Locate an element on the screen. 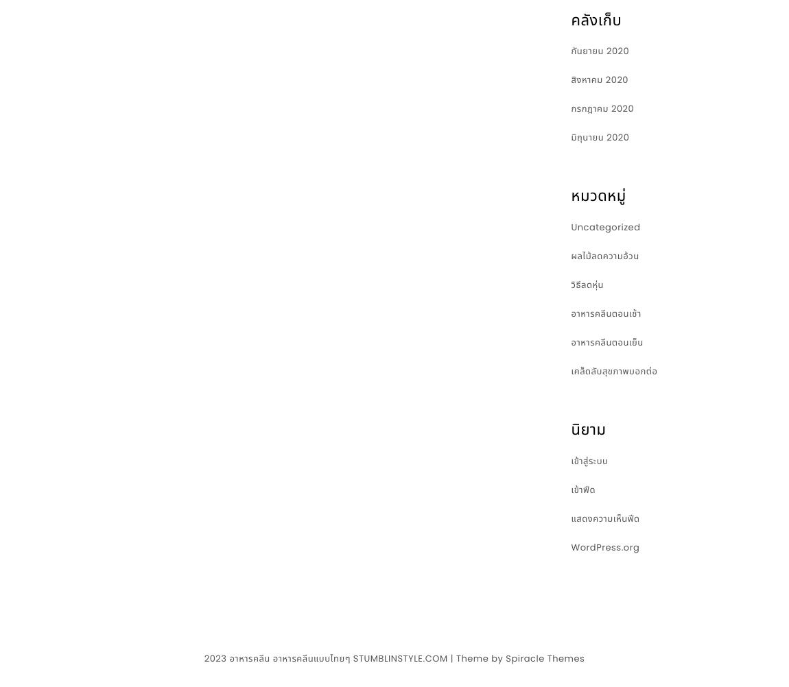  'กันยายน 2020' is located at coordinates (600, 51).